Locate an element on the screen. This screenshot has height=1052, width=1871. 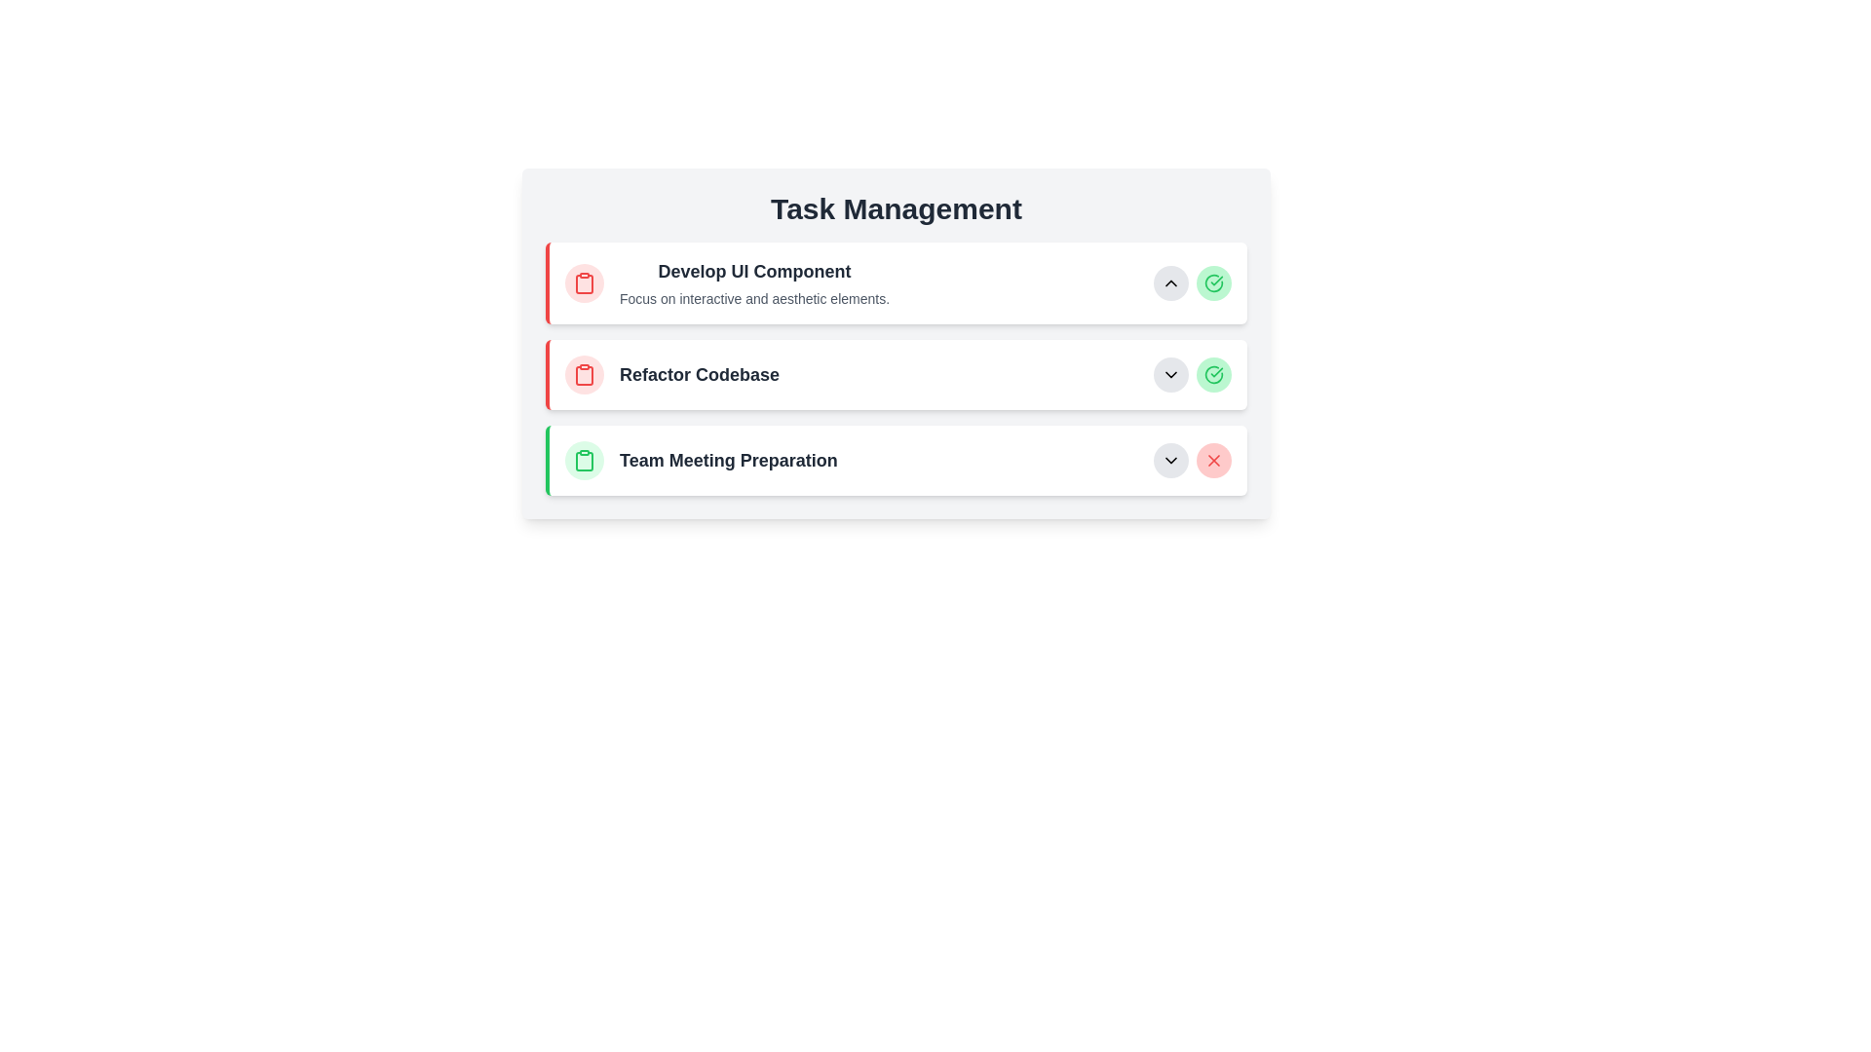
the circular icon with a semi-transparent red fill and a clipboard symbol, located at the far left of the 'Develop UI Component' task description is located at coordinates (584, 282).